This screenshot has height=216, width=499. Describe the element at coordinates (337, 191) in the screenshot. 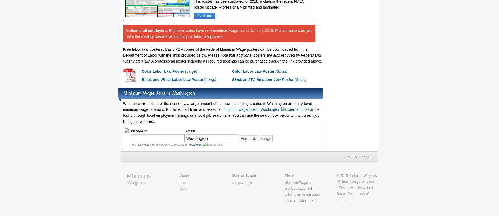

I see `'Minimum-Wage.us is not affiliated with the United States Department of Labor.'` at that location.